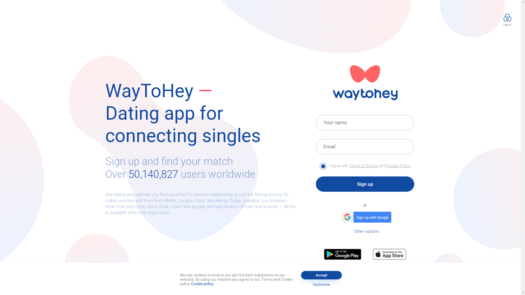 The width and height of the screenshot is (525, 295). What do you see at coordinates (153, 174) in the screenshot?
I see `'50,140,827'` at bounding box center [153, 174].